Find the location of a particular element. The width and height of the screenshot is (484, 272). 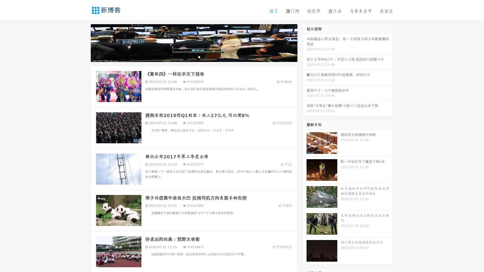

Previous slide is located at coordinates (83, 42).